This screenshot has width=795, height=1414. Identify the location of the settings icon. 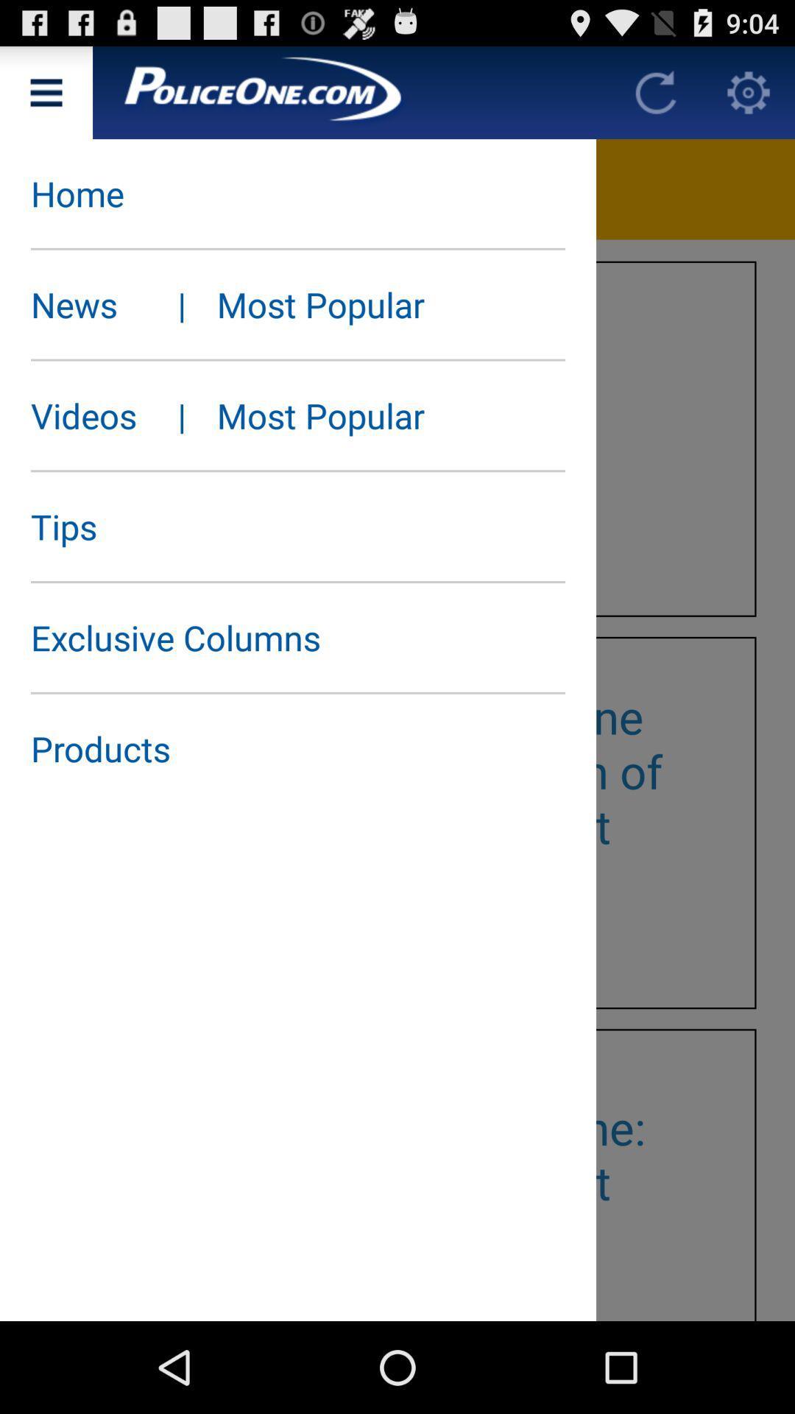
(749, 98).